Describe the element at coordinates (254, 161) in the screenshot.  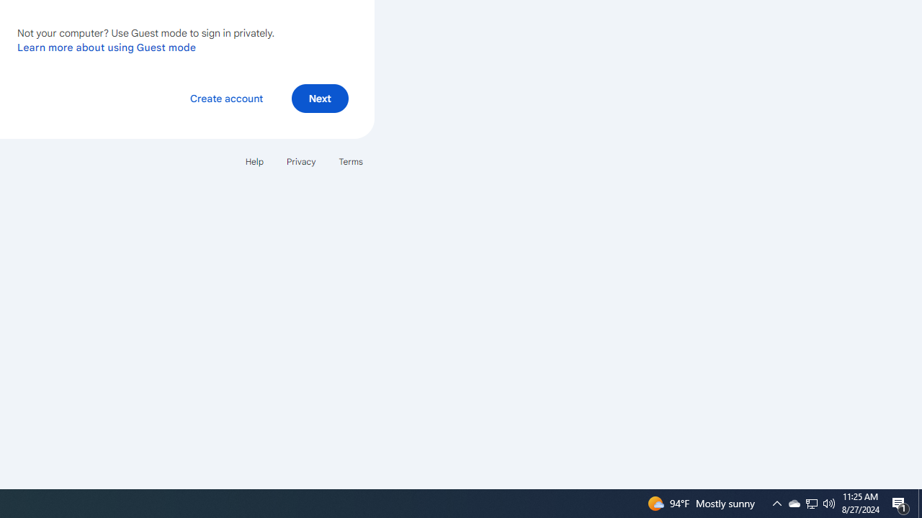
I see `'Help'` at that location.